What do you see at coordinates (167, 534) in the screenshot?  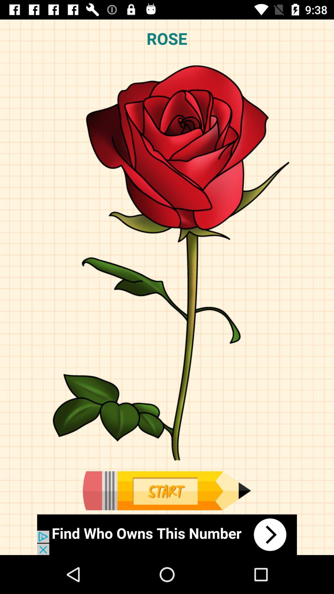 I see `advertisement` at bounding box center [167, 534].